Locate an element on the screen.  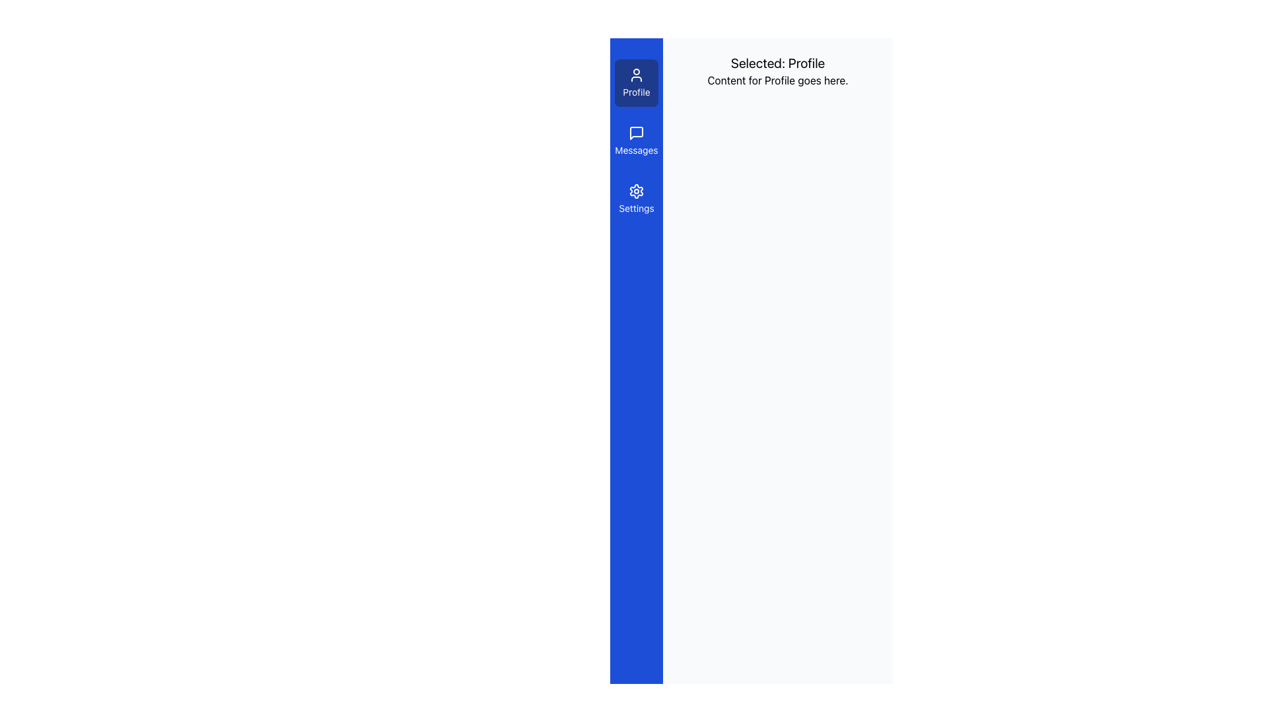
static text element that displays 'Content for Profile goes here.' located beneath the heading 'Selected: Profile' in the main content area is located at coordinates (777, 81).